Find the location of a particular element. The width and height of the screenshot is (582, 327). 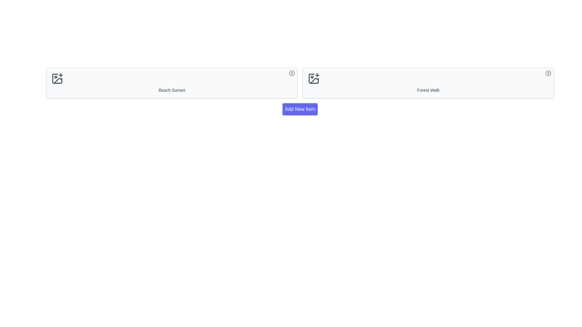

the button located below the 'Beach Sunset' and 'Forest Walk' elements is located at coordinates (300, 109).